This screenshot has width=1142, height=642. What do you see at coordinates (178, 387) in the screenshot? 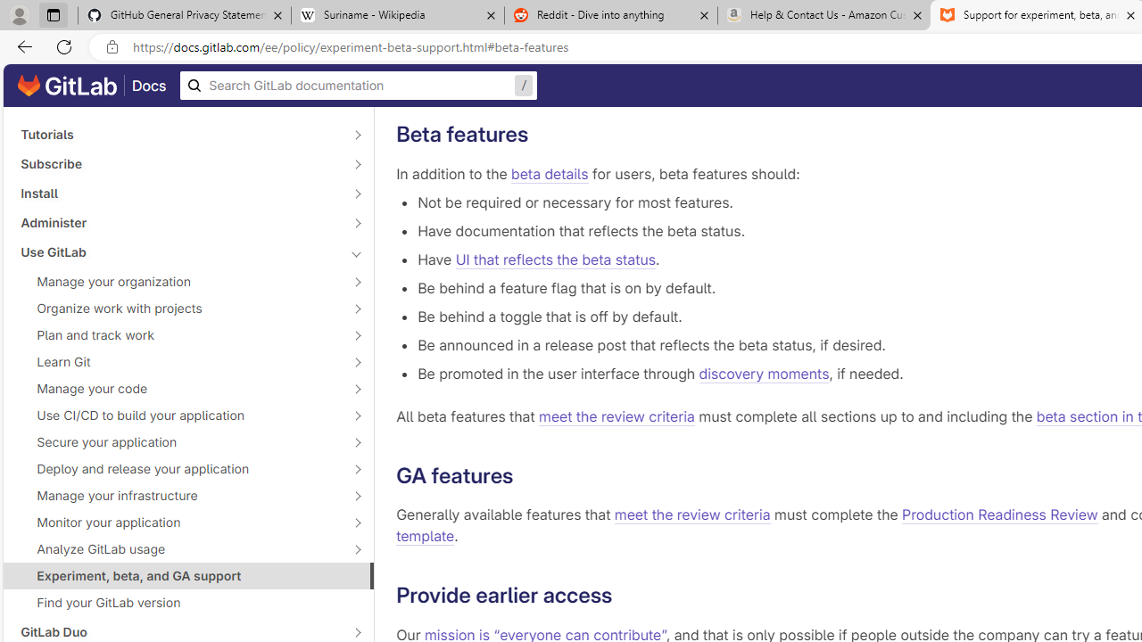
I see `'Manage your code'` at bounding box center [178, 387].